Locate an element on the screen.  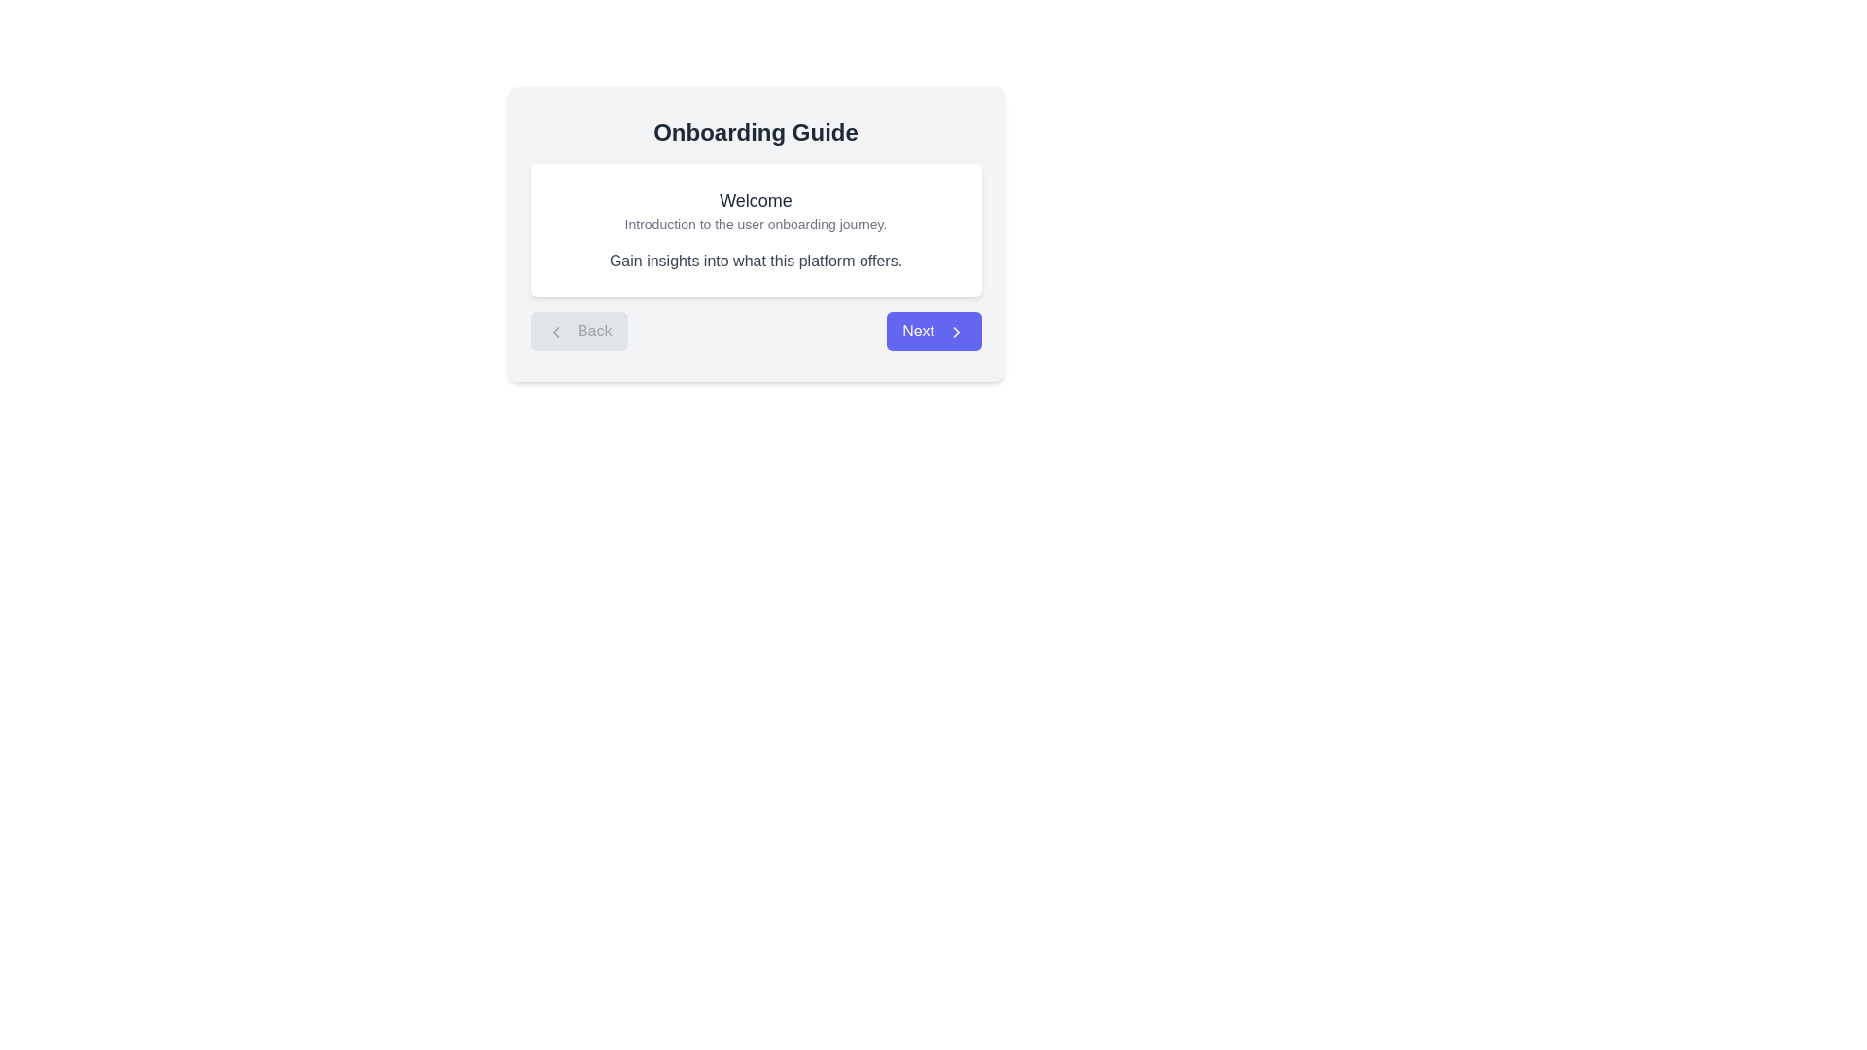
the 'Next' button located at the bottom right of the onboarding guide panel to change its appearance is located at coordinates (933, 330).